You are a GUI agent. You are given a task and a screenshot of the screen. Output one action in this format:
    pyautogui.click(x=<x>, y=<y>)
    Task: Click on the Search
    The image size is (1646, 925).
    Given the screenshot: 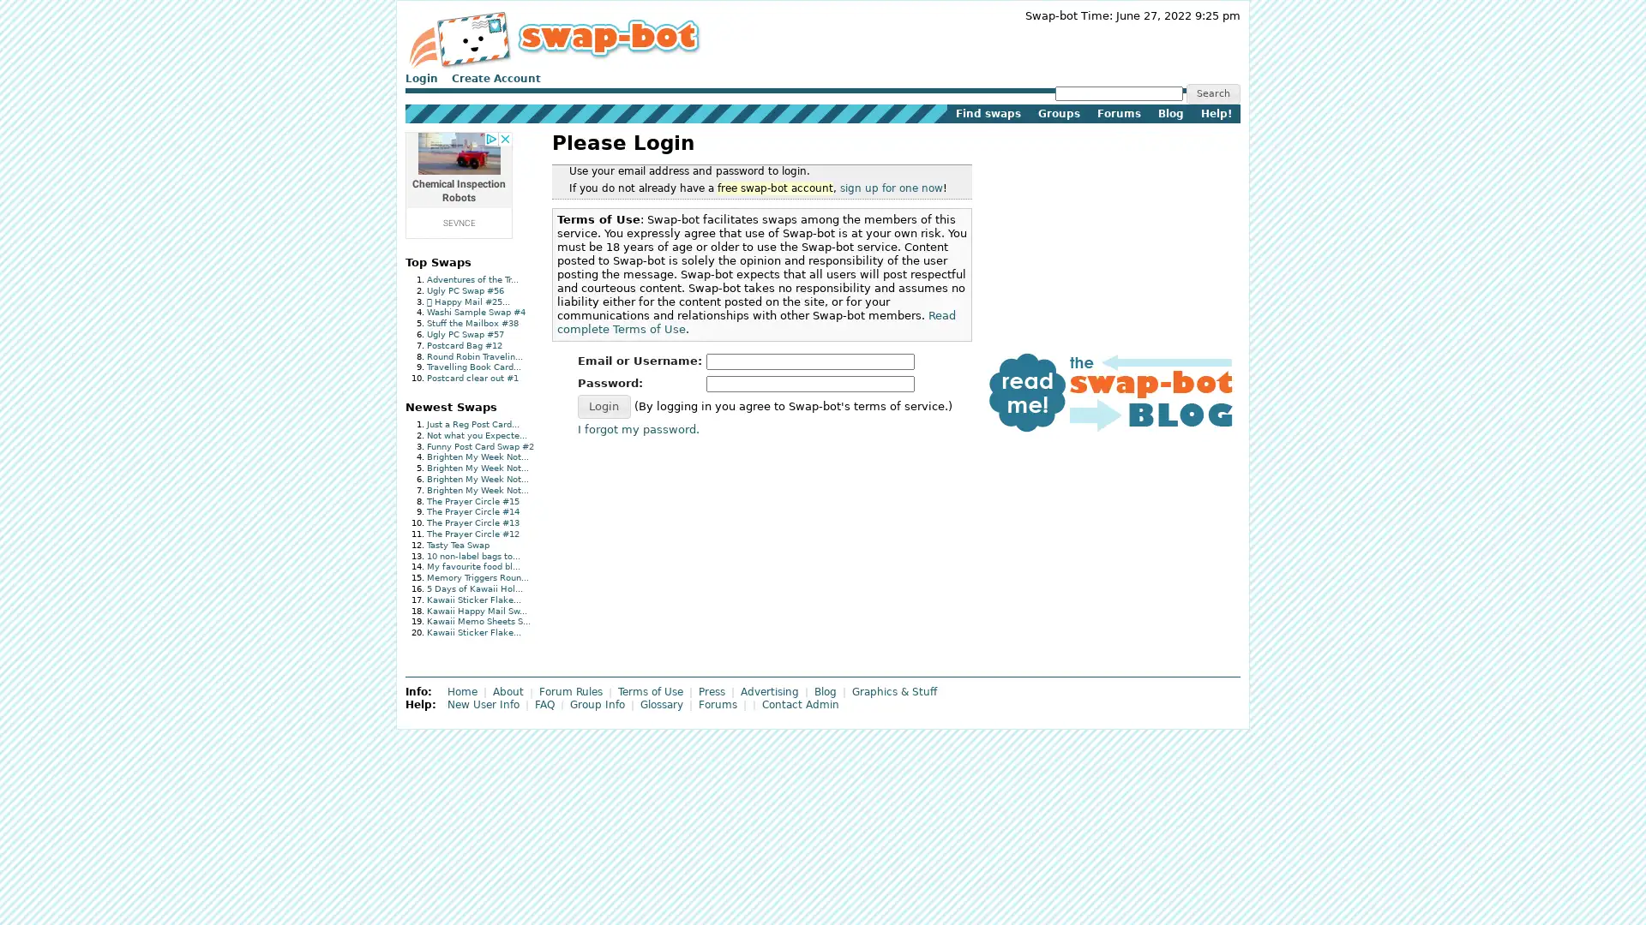 What is the action you would take?
    pyautogui.click(x=1211, y=93)
    